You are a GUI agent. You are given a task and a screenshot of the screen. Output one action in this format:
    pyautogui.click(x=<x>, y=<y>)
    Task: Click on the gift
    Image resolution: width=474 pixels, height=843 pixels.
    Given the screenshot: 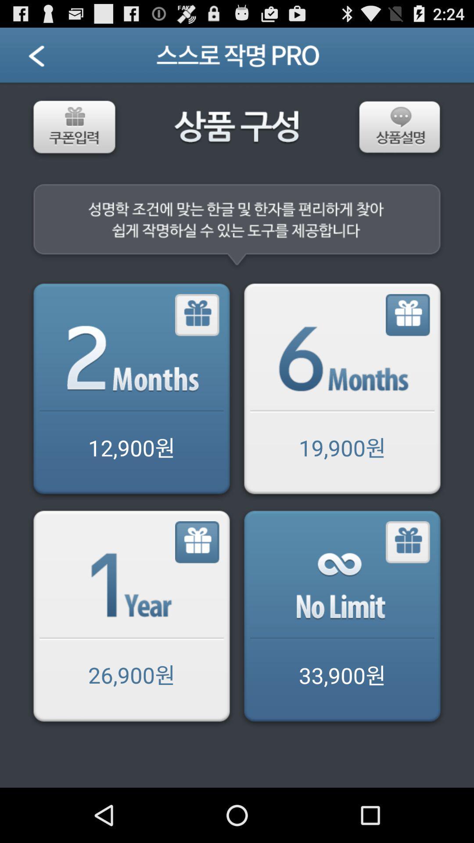 What is the action you would take?
    pyautogui.click(x=408, y=542)
    